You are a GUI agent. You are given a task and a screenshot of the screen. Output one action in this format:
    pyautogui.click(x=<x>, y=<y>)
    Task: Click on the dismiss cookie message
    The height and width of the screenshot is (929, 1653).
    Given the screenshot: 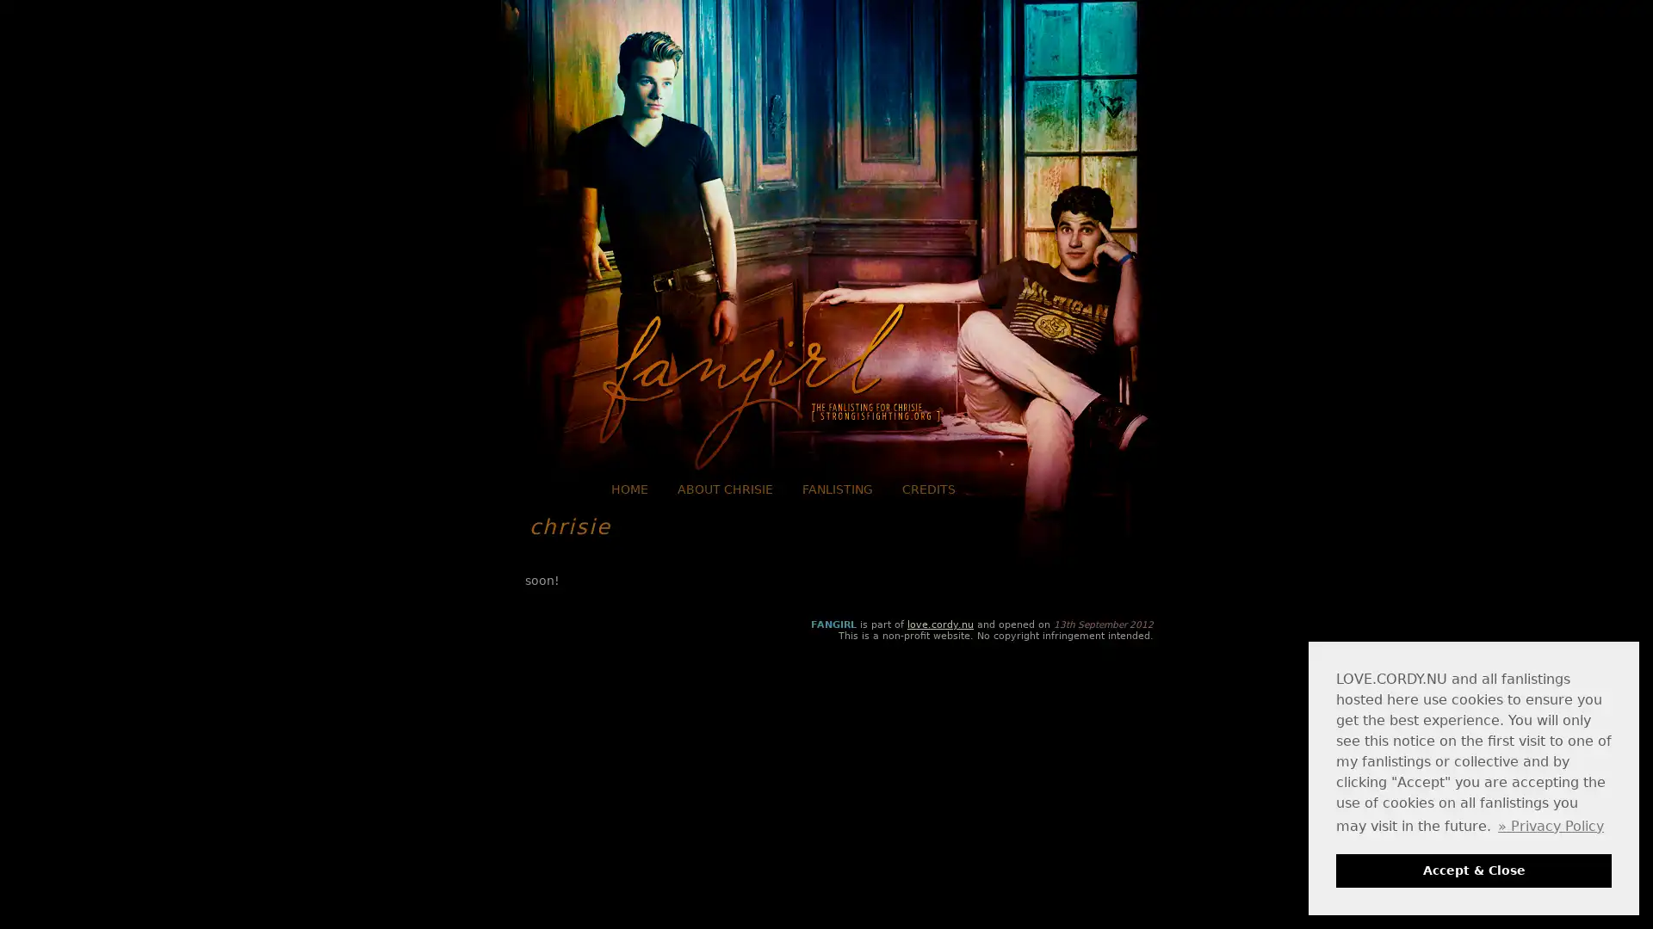 What is the action you would take?
    pyautogui.click(x=1473, y=870)
    